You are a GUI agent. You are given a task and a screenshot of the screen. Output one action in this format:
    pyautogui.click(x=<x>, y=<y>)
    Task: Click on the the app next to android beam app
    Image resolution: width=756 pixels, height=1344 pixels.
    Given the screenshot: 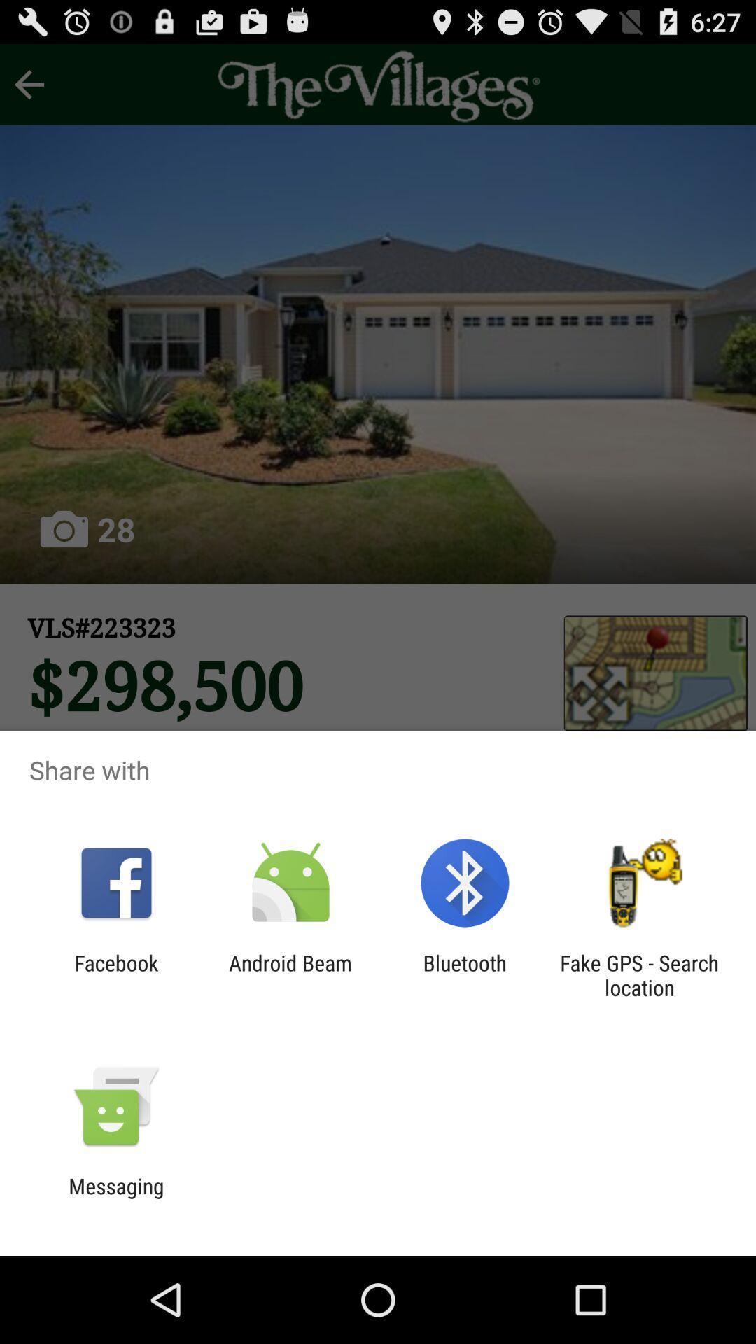 What is the action you would take?
    pyautogui.click(x=465, y=974)
    